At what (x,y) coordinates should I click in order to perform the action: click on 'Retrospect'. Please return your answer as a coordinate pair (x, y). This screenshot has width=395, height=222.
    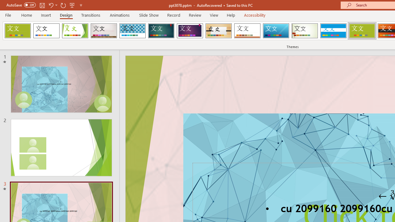
    Looking at the image, I should click on (247, 31).